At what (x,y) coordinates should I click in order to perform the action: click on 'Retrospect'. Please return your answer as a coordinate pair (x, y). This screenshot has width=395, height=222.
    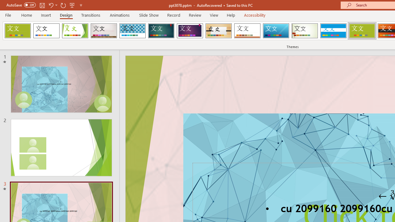
    Looking at the image, I should click on (247, 31).